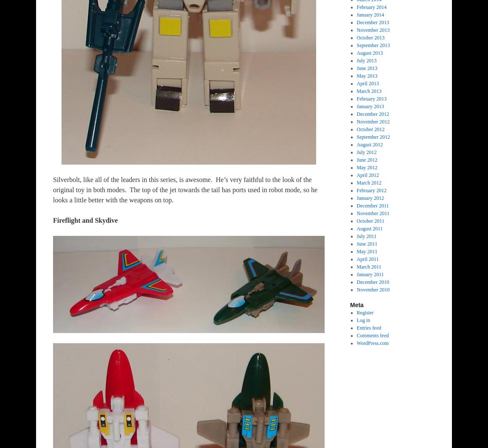 This screenshot has height=448, width=488. Describe the element at coordinates (373, 29) in the screenshot. I see `'November 2013'` at that location.